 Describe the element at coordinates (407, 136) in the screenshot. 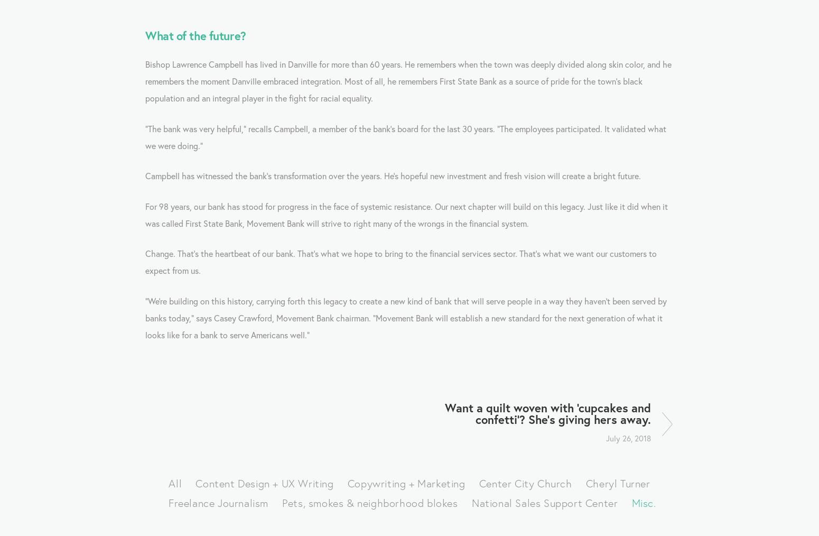

I see `'“The bank was very helpful,” recalls Campbell, a member of the bank’s board for the last 30 years. “The employees participated. It validated what we were doing.”'` at that location.